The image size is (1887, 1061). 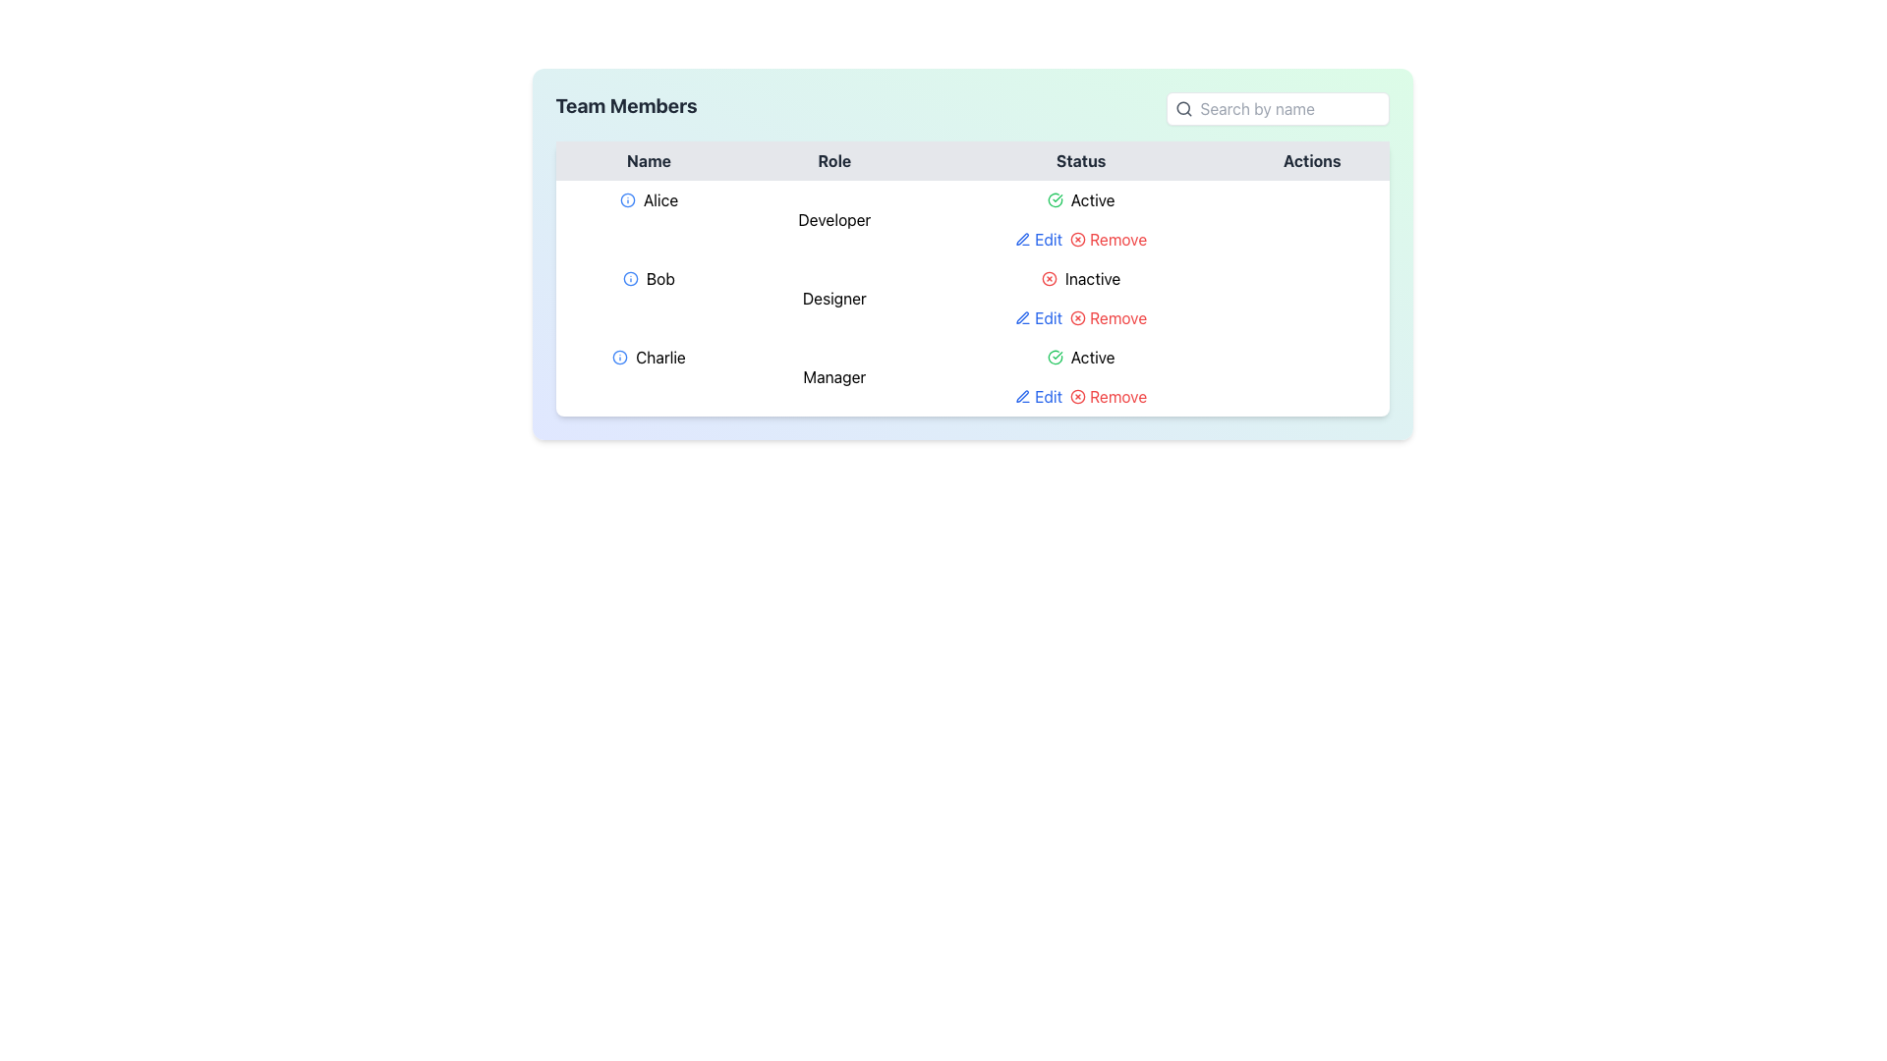 What do you see at coordinates (1022, 238) in the screenshot?
I see `the small blue pen icon representing the 'Edit' action in the Actions column of the table for Bob` at bounding box center [1022, 238].